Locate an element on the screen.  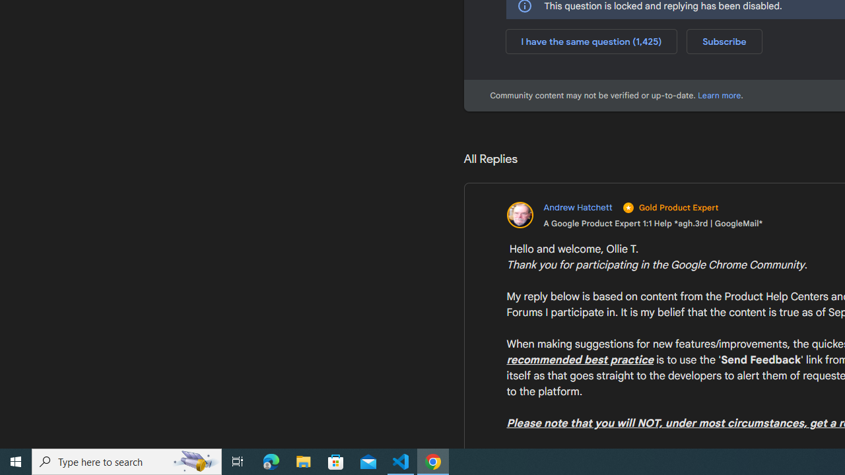
'Subscribe' is located at coordinates (724, 40).